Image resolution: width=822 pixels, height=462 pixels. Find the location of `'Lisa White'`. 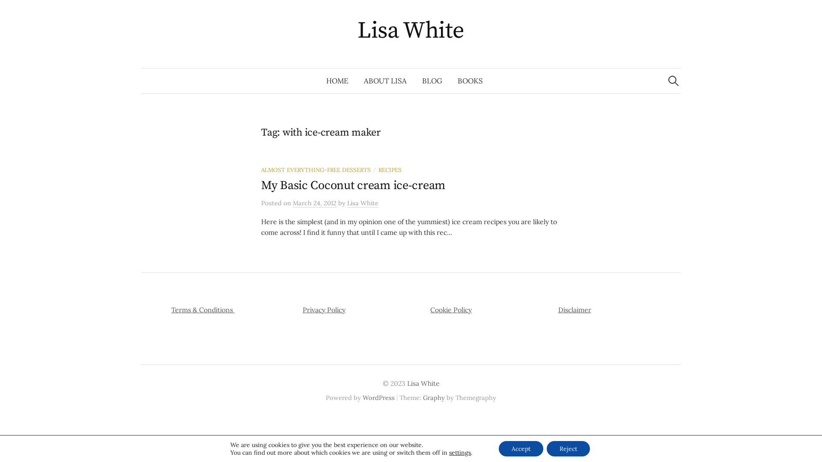

'Lisa White' is located at coordinates (411, 30).